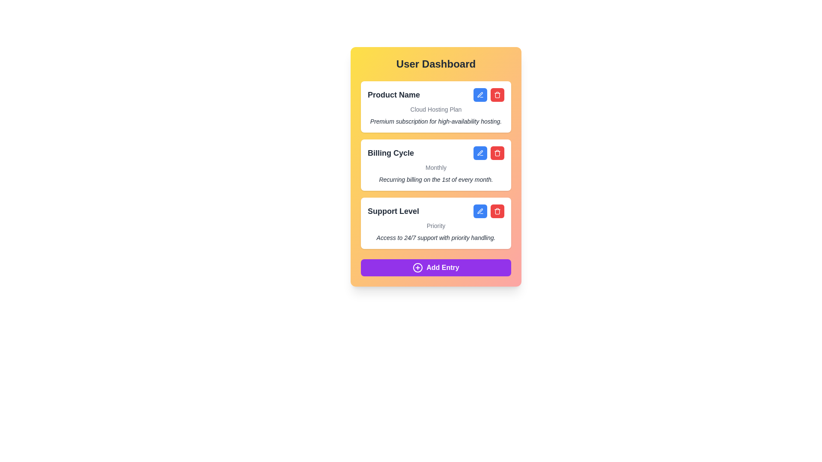 This screenshot has height=462, width=822. Describe the element at coordinates (480, 211) in the screenshot. I see `the vector graphic pen icon located in the top-right corner of the 'Support Level' card, next to the red delete button` at that location.